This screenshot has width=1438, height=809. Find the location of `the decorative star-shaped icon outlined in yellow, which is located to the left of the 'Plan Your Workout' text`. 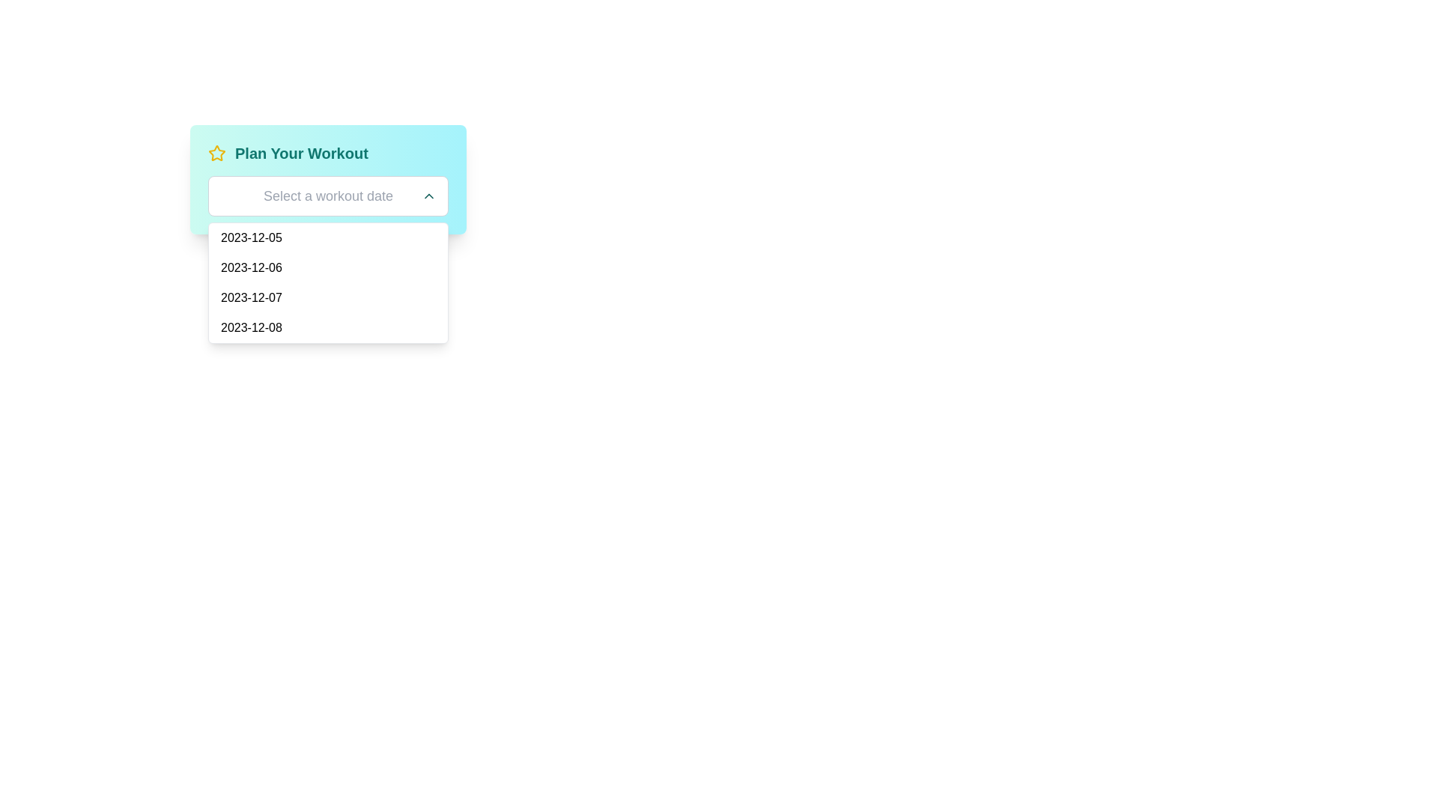

the decorative star-shaped icon outlined in yellow, which is located to the left of the 'Plan Your Workout' text is located at coordinates (216, 153).